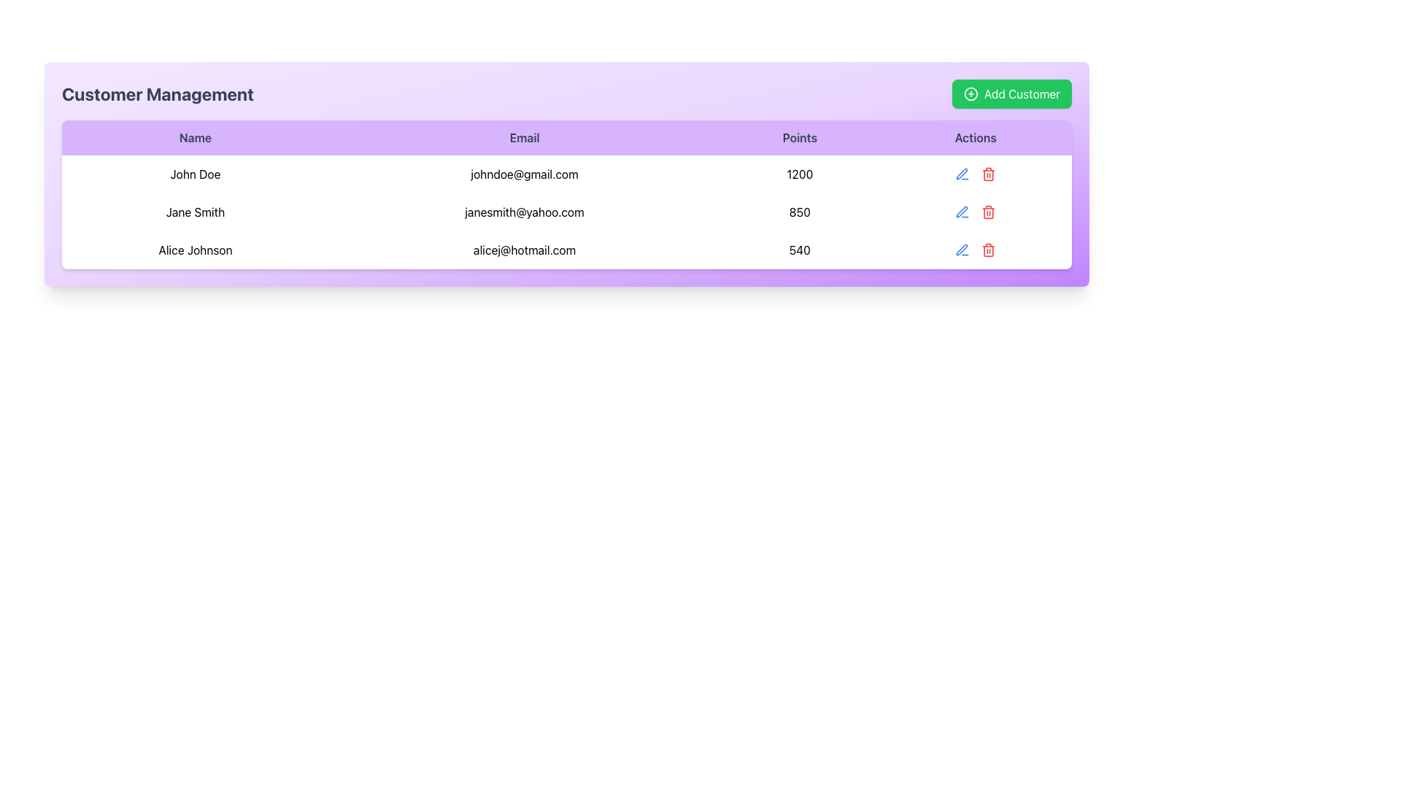 The height and width of the screenshot is (788, 1401). I want to click on the text label component displaying the email address of a customer in the third row under the 'Email' column in the table layout, so click(525, 250).